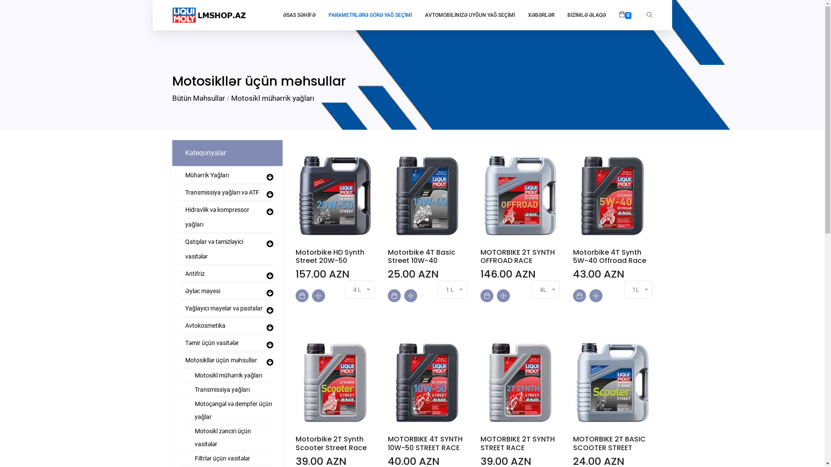  I want to click on 'Motorbike HD Synth Street 20W-50', so click(295, 256).